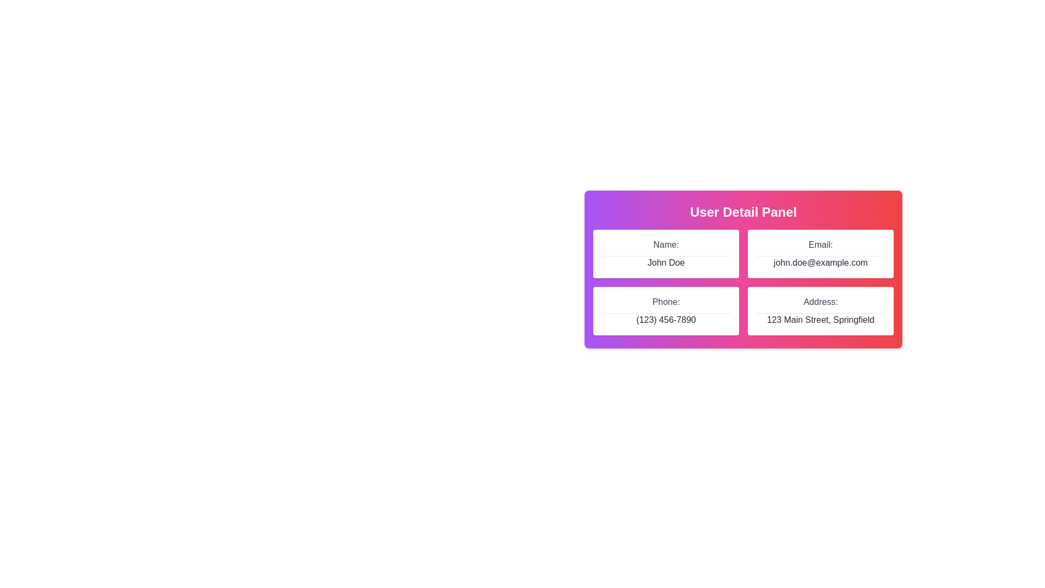  I want to click on the text label displaying 'john.doe@example.com' in the user information panel, which is styled in gray and located in the upper right section of the grid, so click(820, 262).